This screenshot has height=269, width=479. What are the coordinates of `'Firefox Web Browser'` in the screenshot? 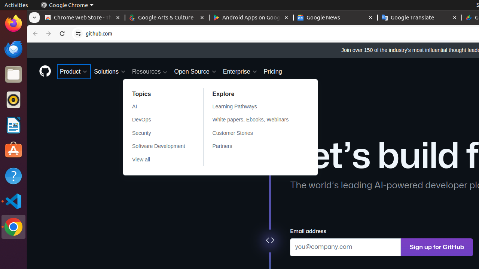 It's located at (13, 23).